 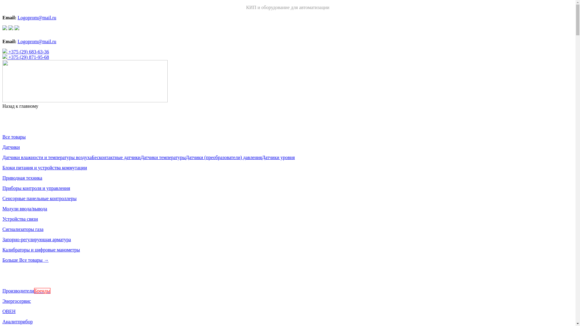 I want to click on 'Logoprom@mail.ru', so click(x=36, y=41).